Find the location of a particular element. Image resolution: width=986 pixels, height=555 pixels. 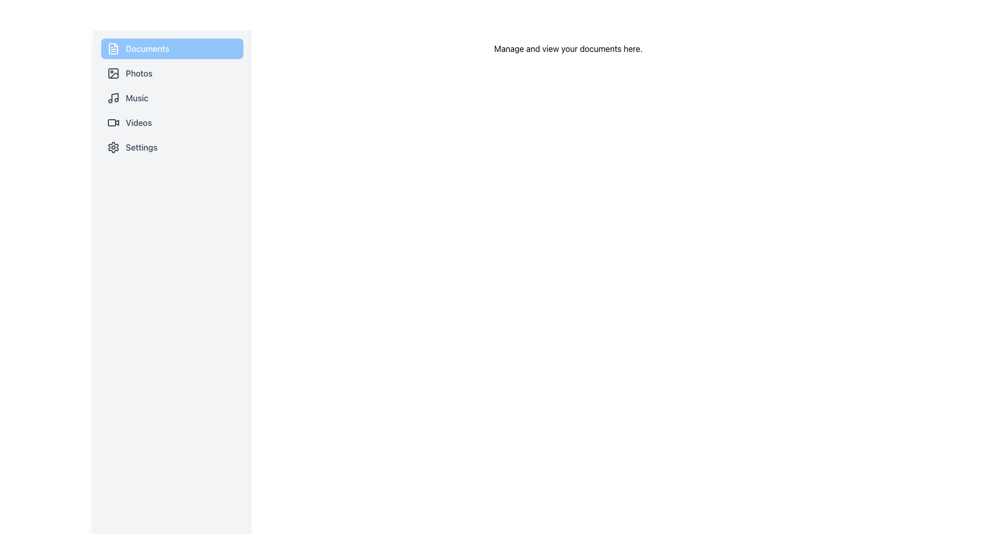

the third navigation link in the vertical list, which is positioned between 'Photos' and 'Videos' is located at coordinates (172, 98).